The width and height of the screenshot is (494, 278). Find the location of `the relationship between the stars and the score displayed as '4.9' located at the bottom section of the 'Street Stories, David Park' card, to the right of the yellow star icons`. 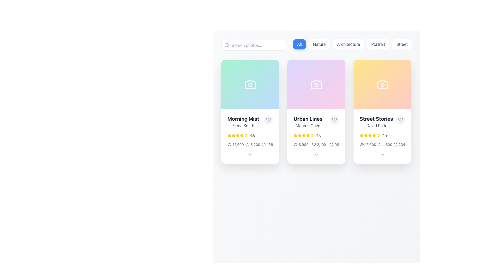

the relationship between the stars and the score displayed as '4.9' located at the bottom section of the 'Street Stories, David Park' card, to the right of the yellow star icons is located at coordinates (385, 135).